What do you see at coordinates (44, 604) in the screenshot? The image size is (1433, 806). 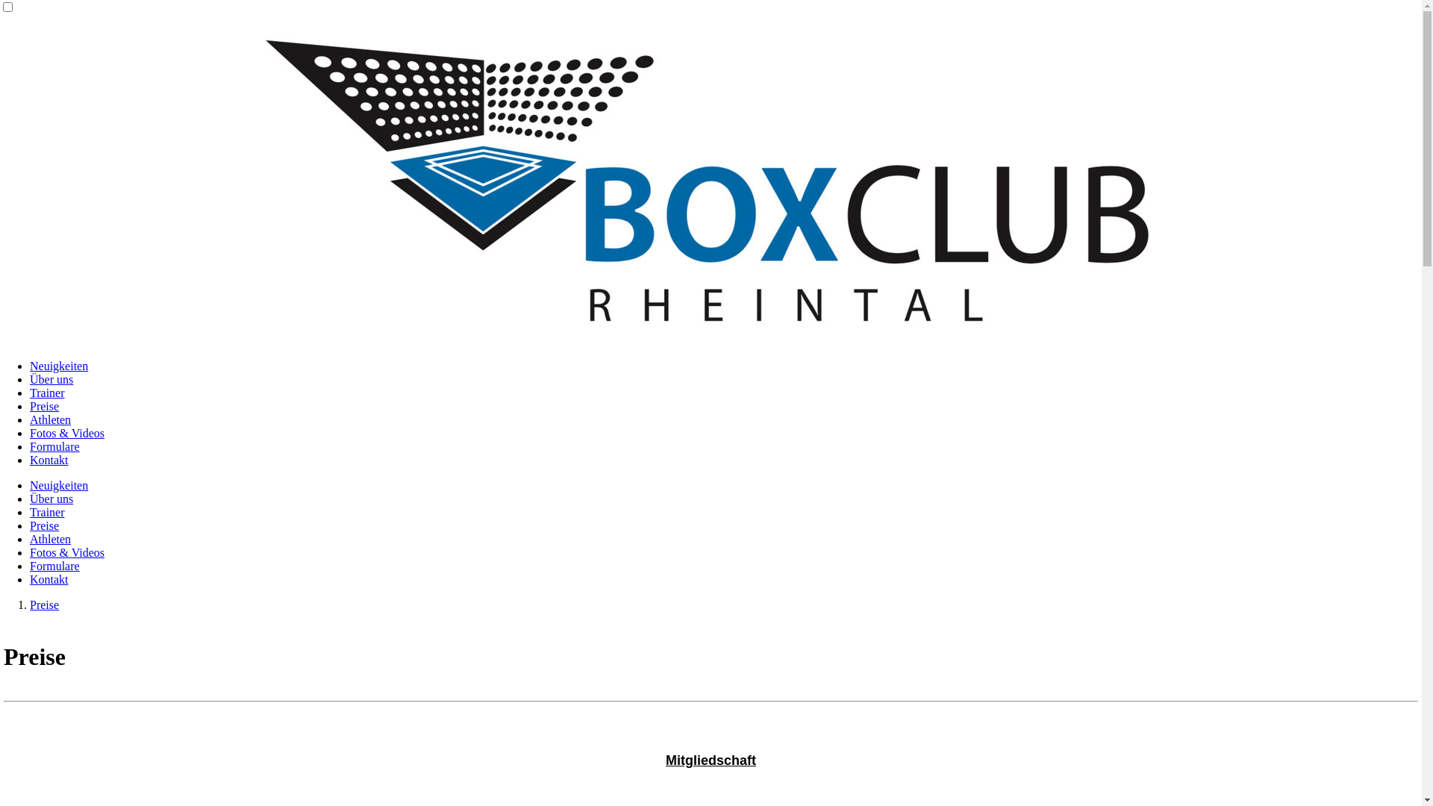 I see `'Preise'` at bounding box center [44, 604].